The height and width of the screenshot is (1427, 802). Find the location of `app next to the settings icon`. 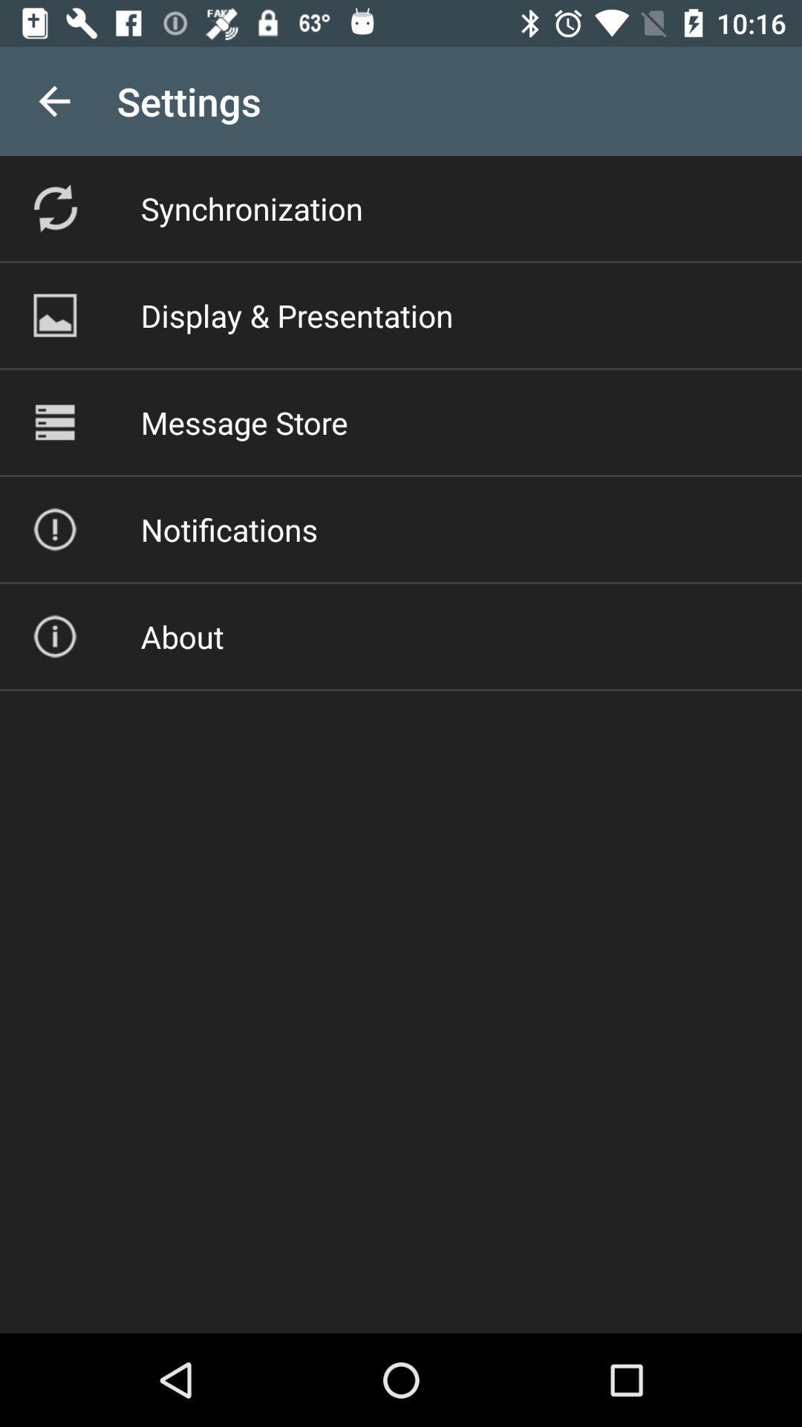

app next to the settings icon is located at coordinates (53, 100).